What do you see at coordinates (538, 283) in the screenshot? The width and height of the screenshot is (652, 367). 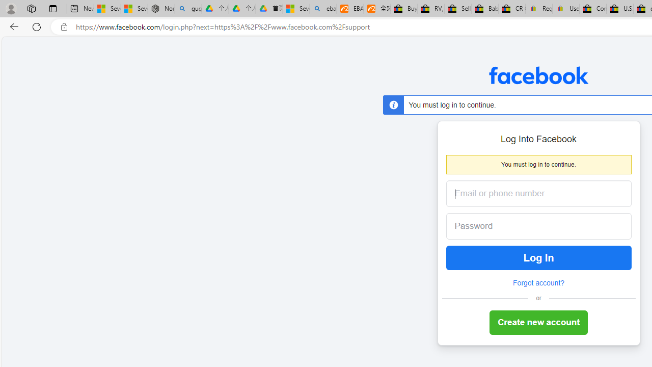 I see `'Forgot account?'` at bounding box center [538, 283].